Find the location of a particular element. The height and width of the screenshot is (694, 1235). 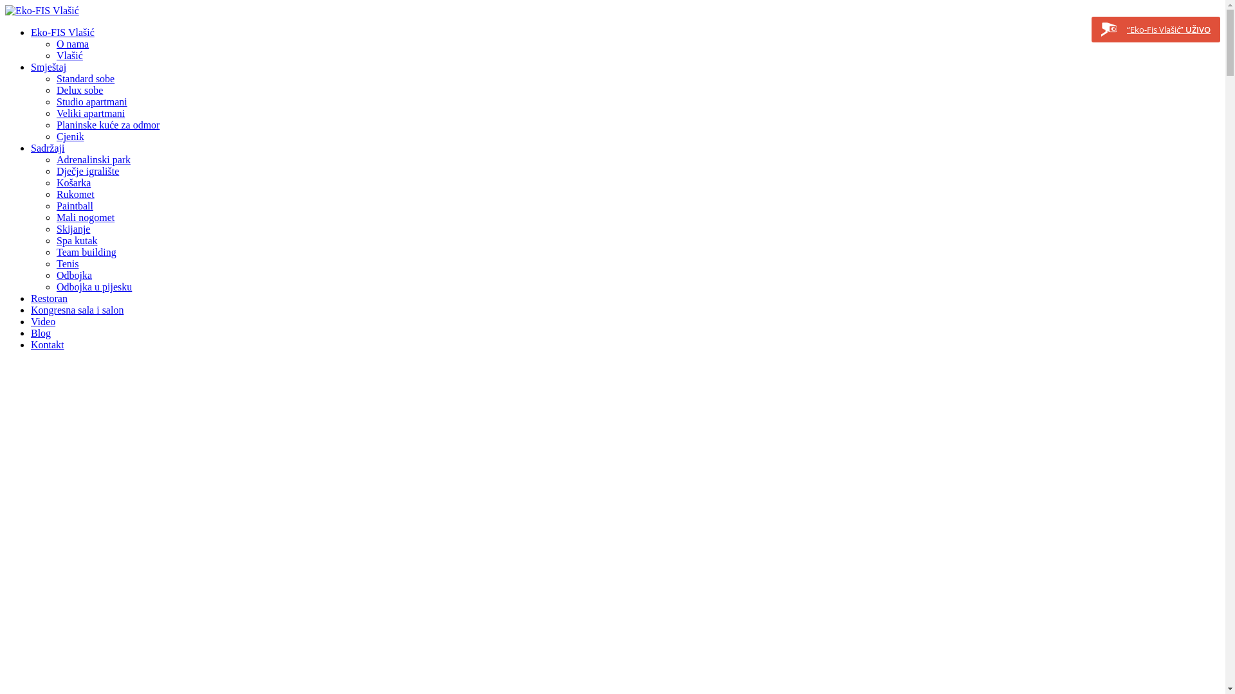

'Skip to content' is located at coordinates (5, 5).